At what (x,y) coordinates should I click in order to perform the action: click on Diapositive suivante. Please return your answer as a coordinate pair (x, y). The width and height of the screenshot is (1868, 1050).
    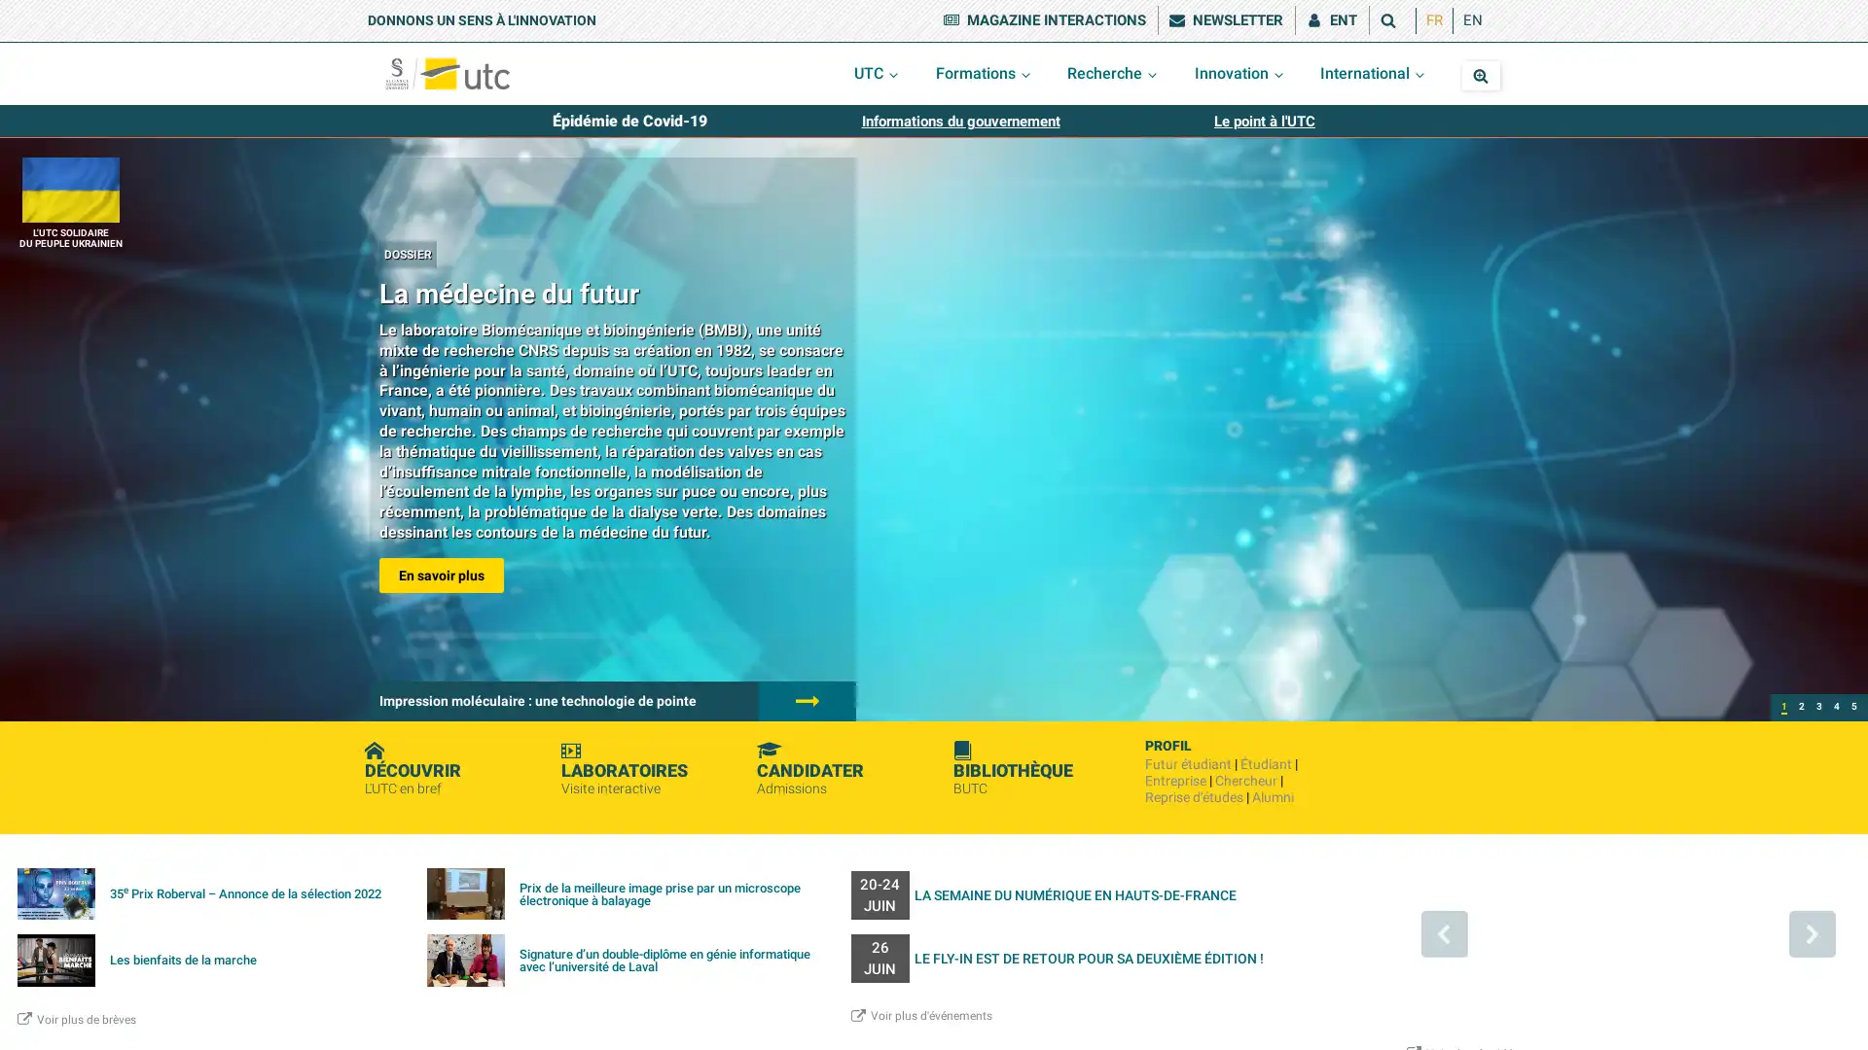
    Looking at the image, I should click on (1811, 932).